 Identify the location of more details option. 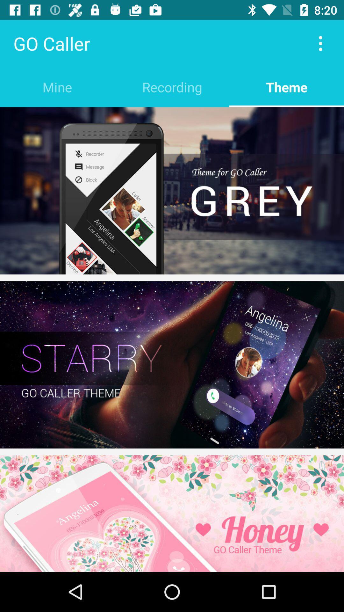
(320, 43).